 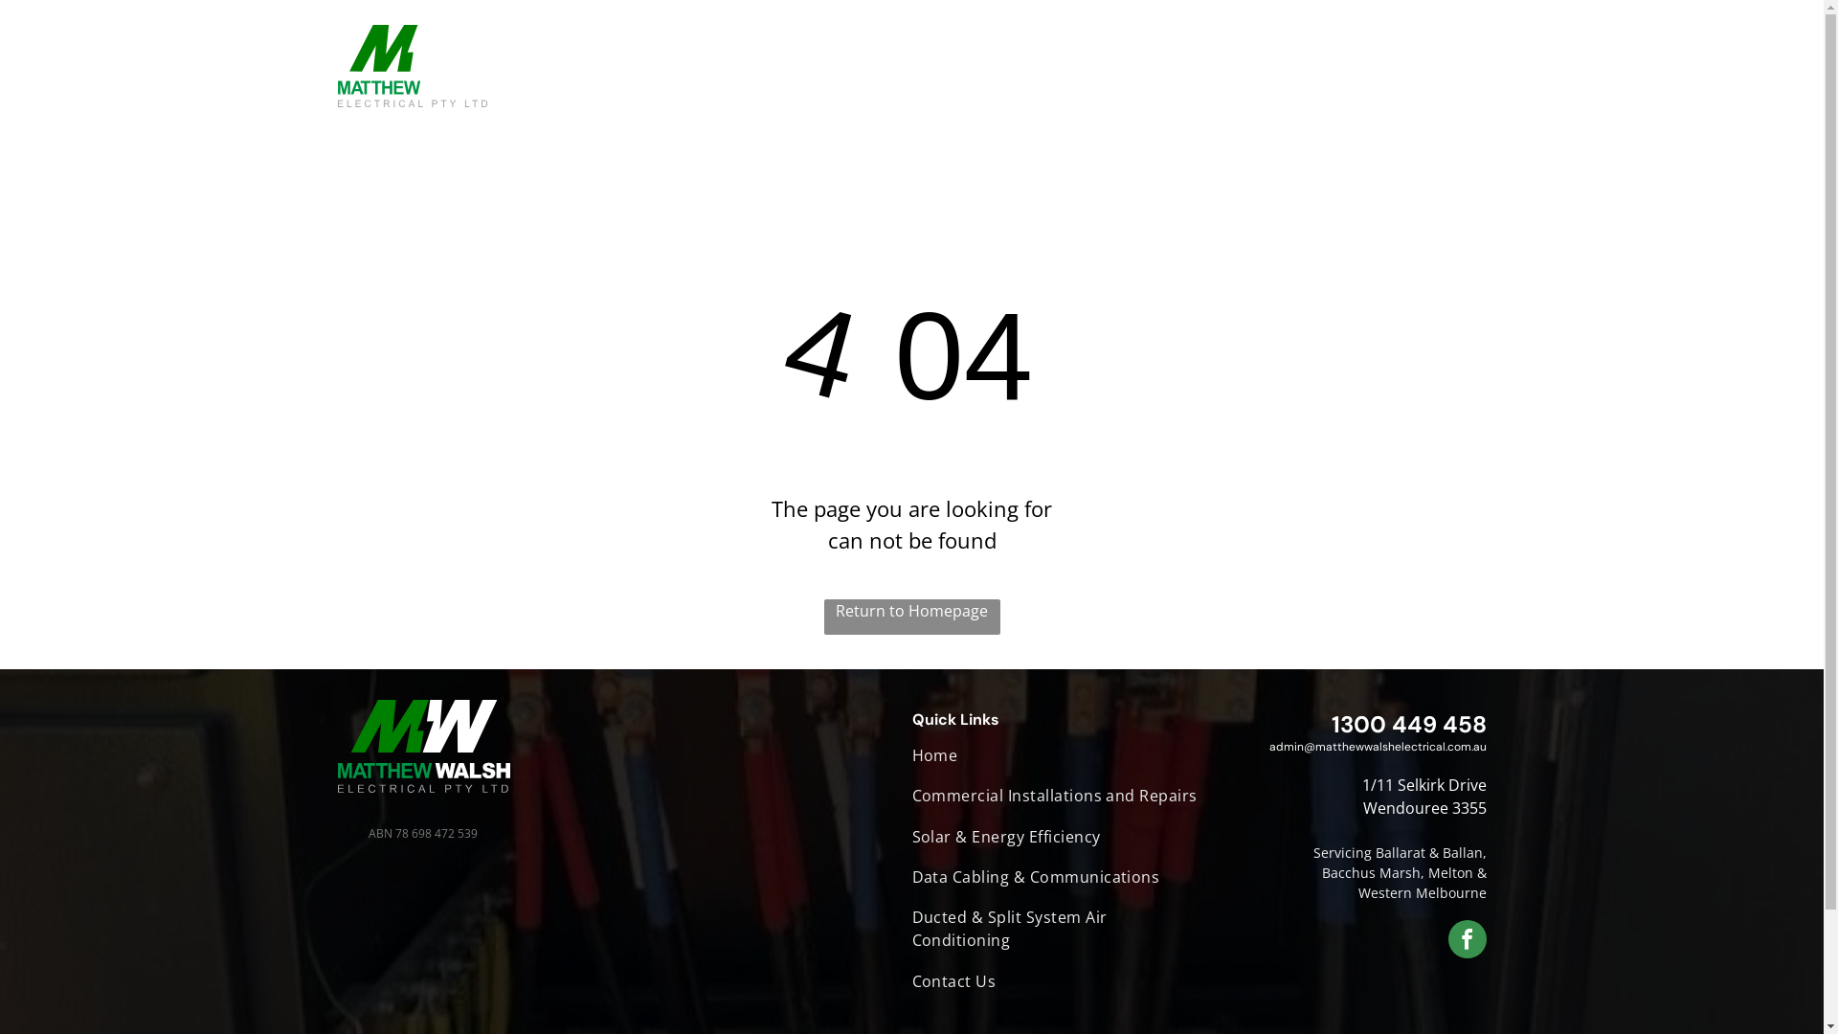 What do you see at coordinates (1054, 798) in the screenshot?
I see `'Commercial Installations and Repairs'` at bounding box center [1054, 798].